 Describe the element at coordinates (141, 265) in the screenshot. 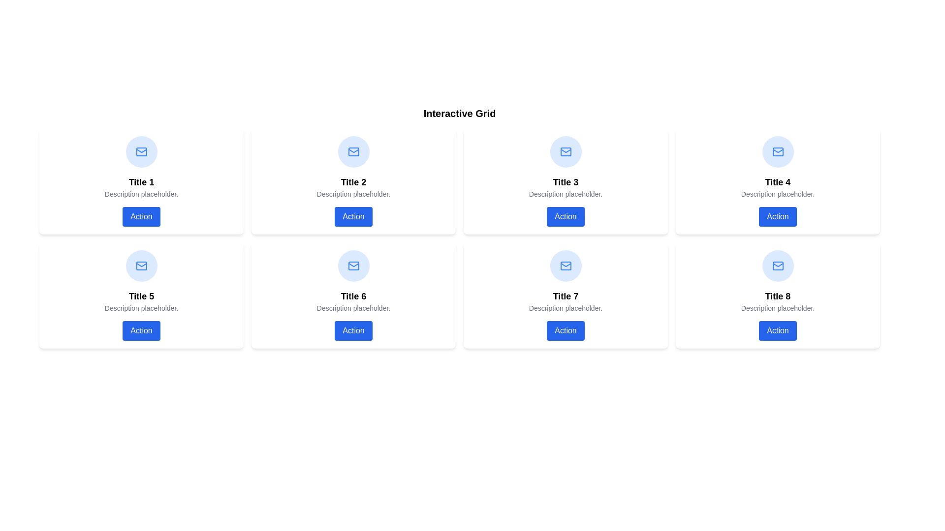

I see `the email or messaging icon located within the card titled 'Title 5' in the second row, first column of the interactive grid layout` at that location.